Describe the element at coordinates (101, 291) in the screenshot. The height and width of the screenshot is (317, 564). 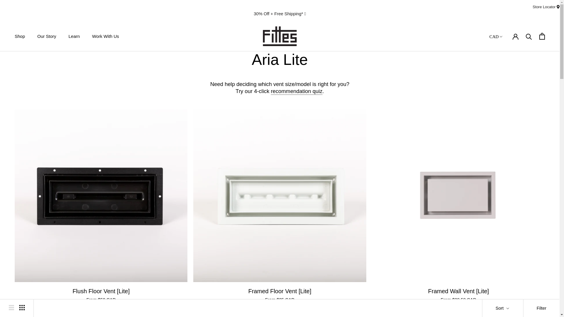
I see `'Flush Floor Vent [Lite]'` at that location.